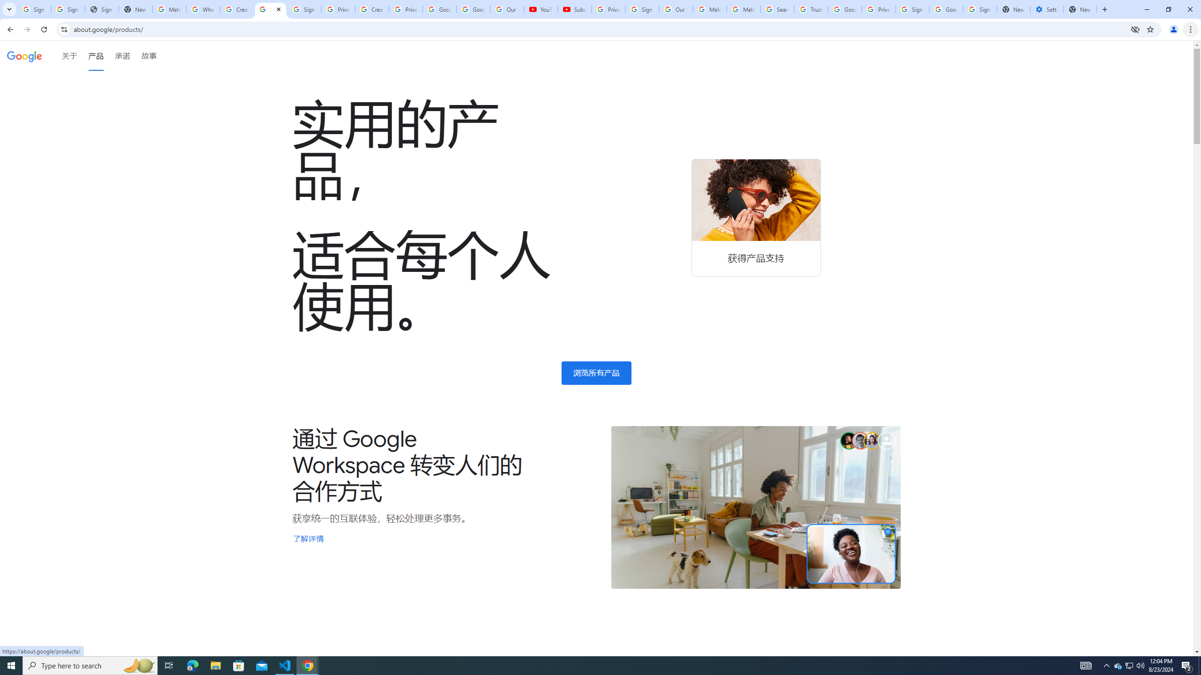  I want to click on 'Subscriptions - YouTube', so click(574, 9).